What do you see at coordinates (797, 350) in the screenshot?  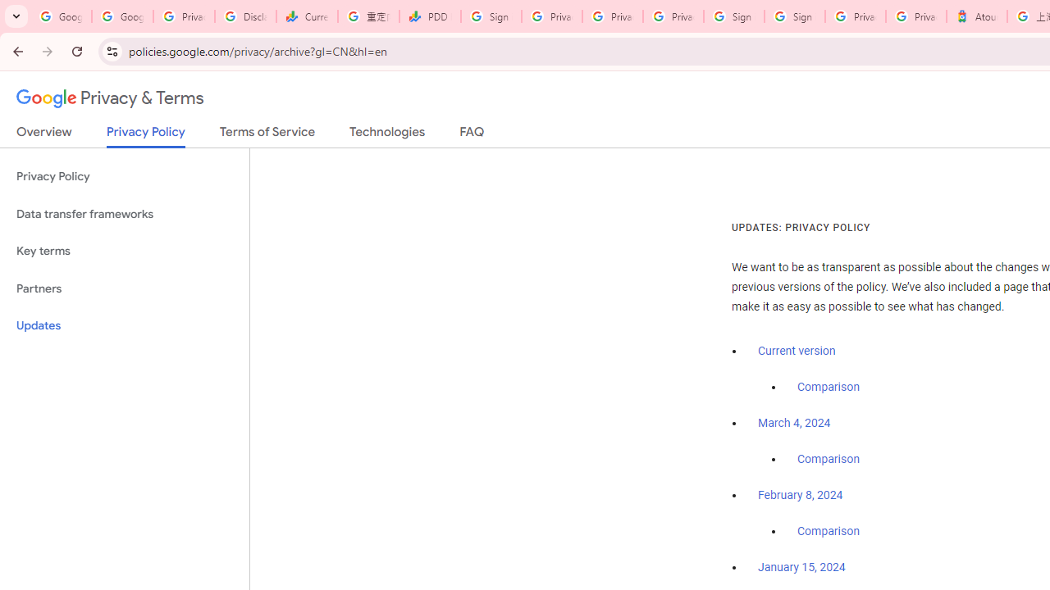 I see `'Current version'` at bounding box center [797, 350].